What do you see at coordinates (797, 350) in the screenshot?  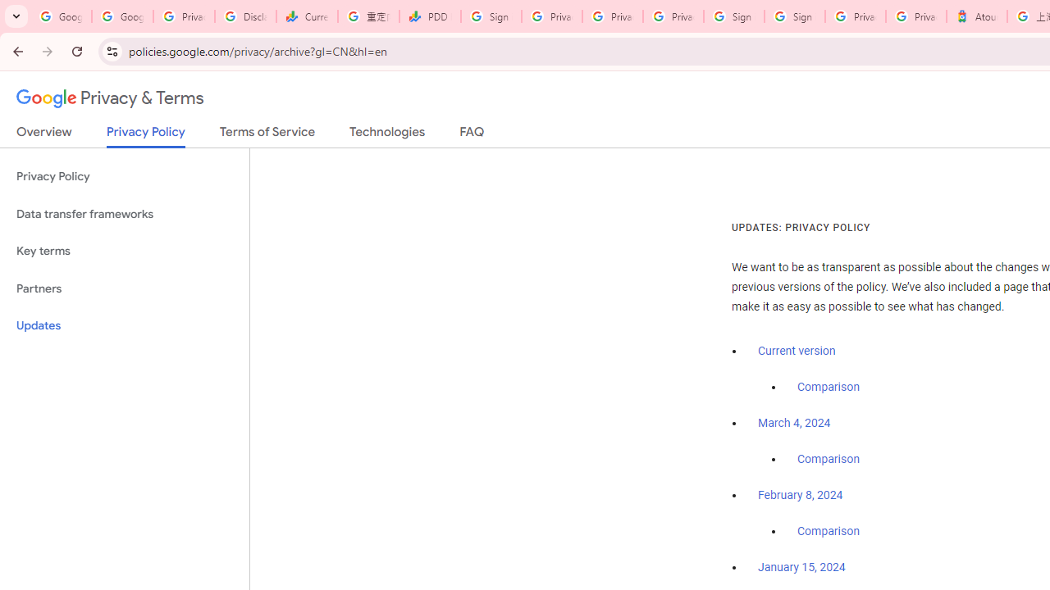 I see `'Current version'` at bounding box center [797, 350].